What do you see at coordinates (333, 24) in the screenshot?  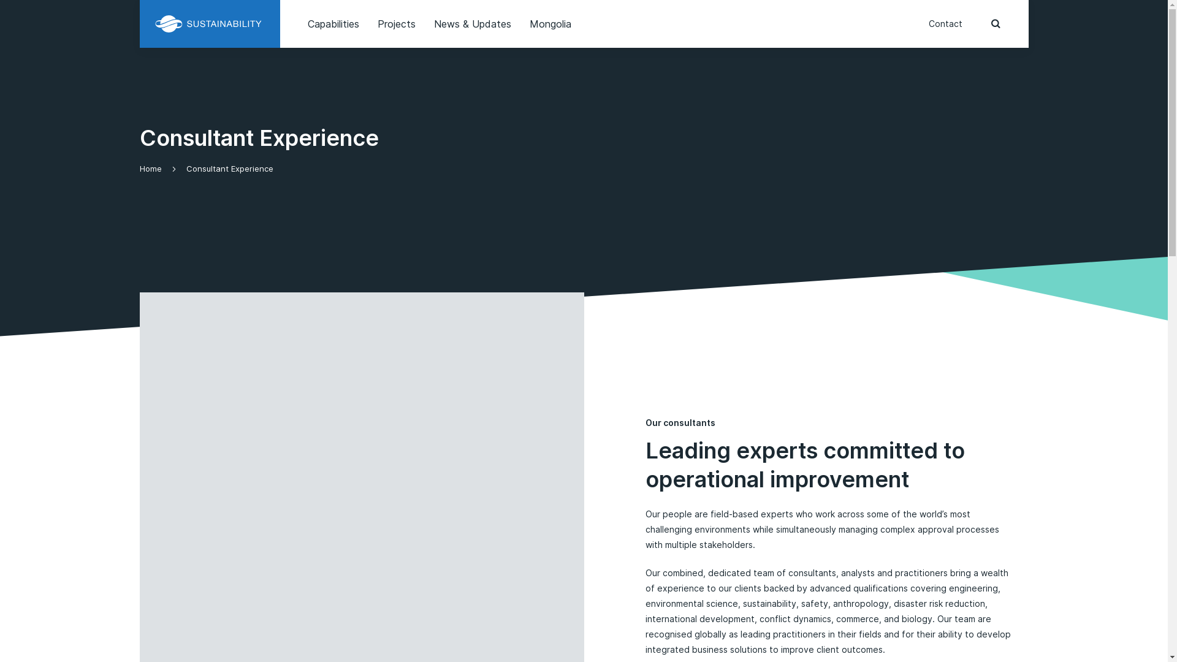 I see `'Capabilities'` at bounding box center [333, 24].